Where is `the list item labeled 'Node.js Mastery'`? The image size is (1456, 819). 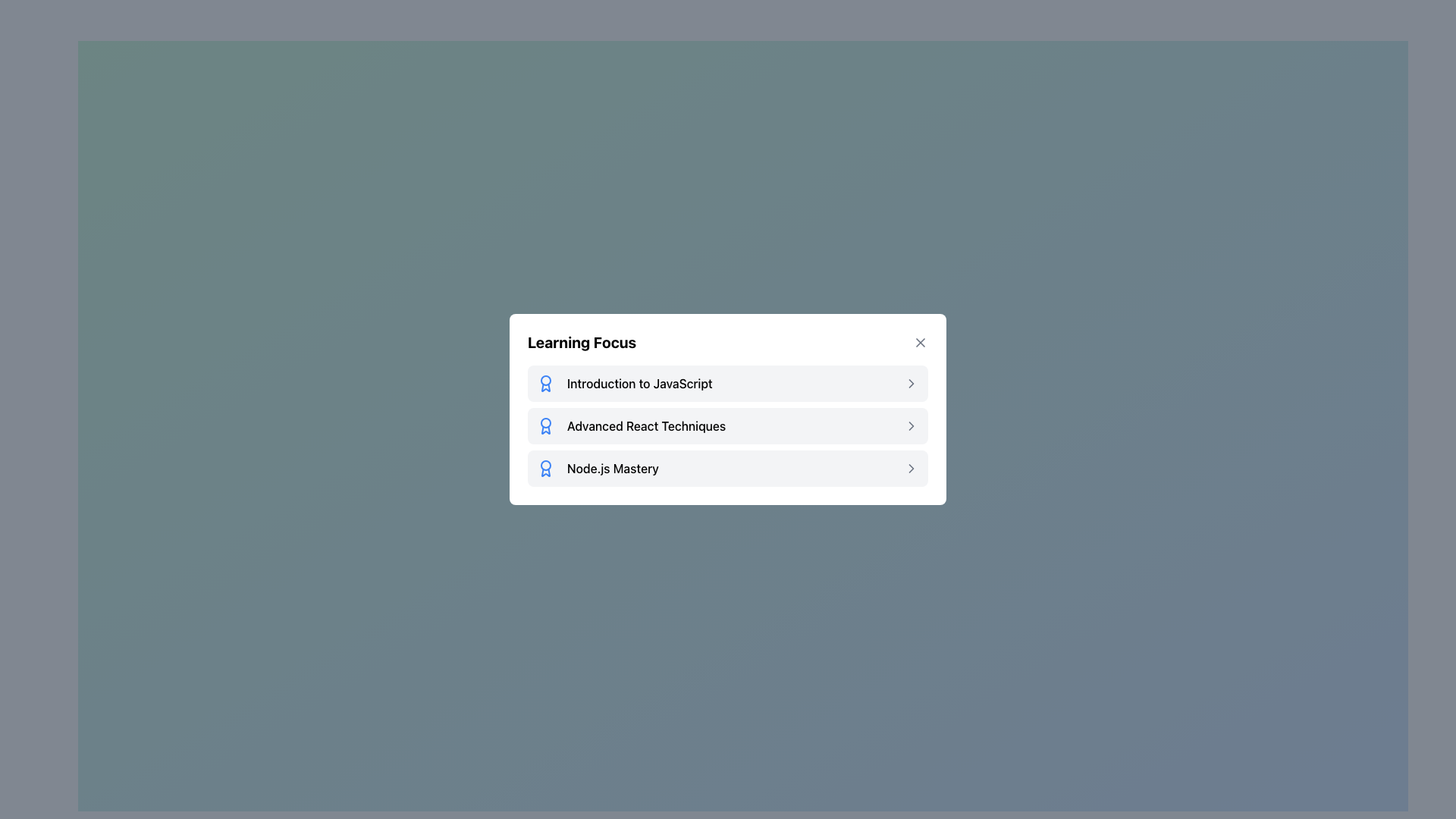
the list item labeled 'Node.js Mastery' is located at coordinates (597, 467).